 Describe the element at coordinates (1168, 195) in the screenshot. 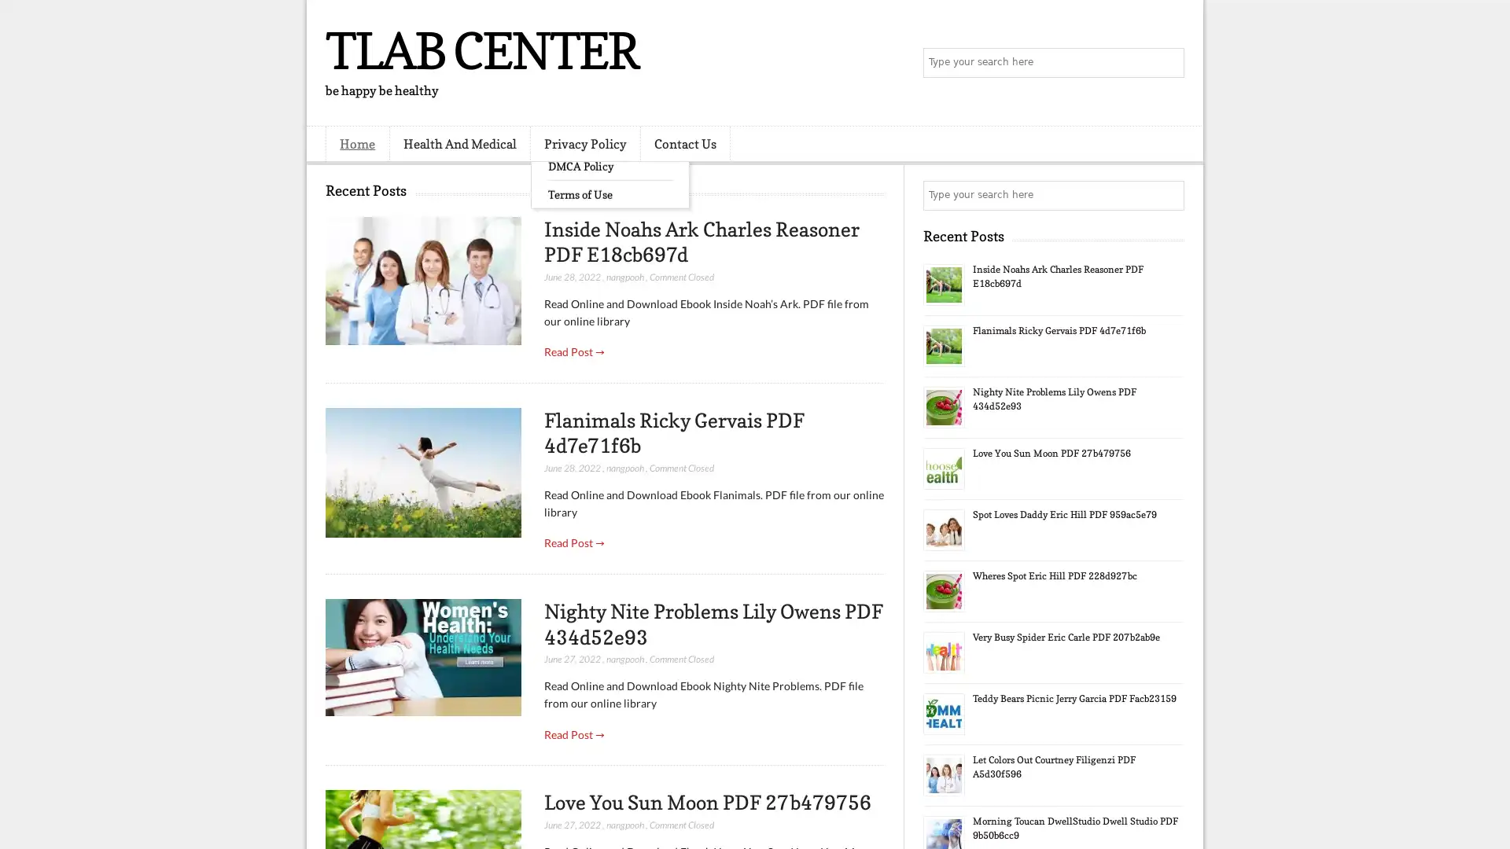

I see `Search` at that location.